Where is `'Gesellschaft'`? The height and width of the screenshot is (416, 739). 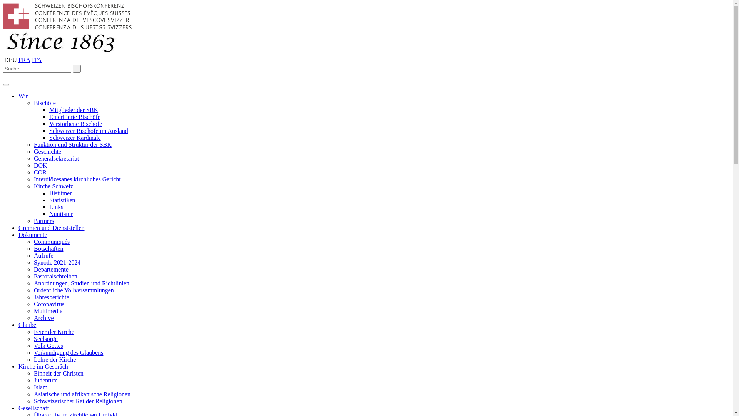
'Gesellschaft' is located at coordinates (33, 408).